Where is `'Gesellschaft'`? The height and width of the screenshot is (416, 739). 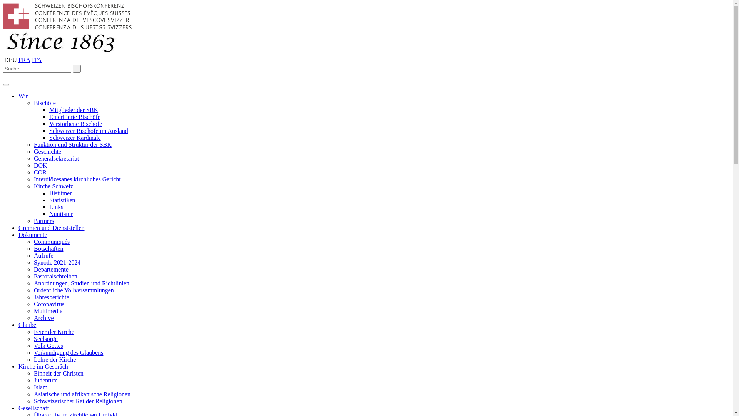
'Gesellschaft' is located at coordinates (33, 408).